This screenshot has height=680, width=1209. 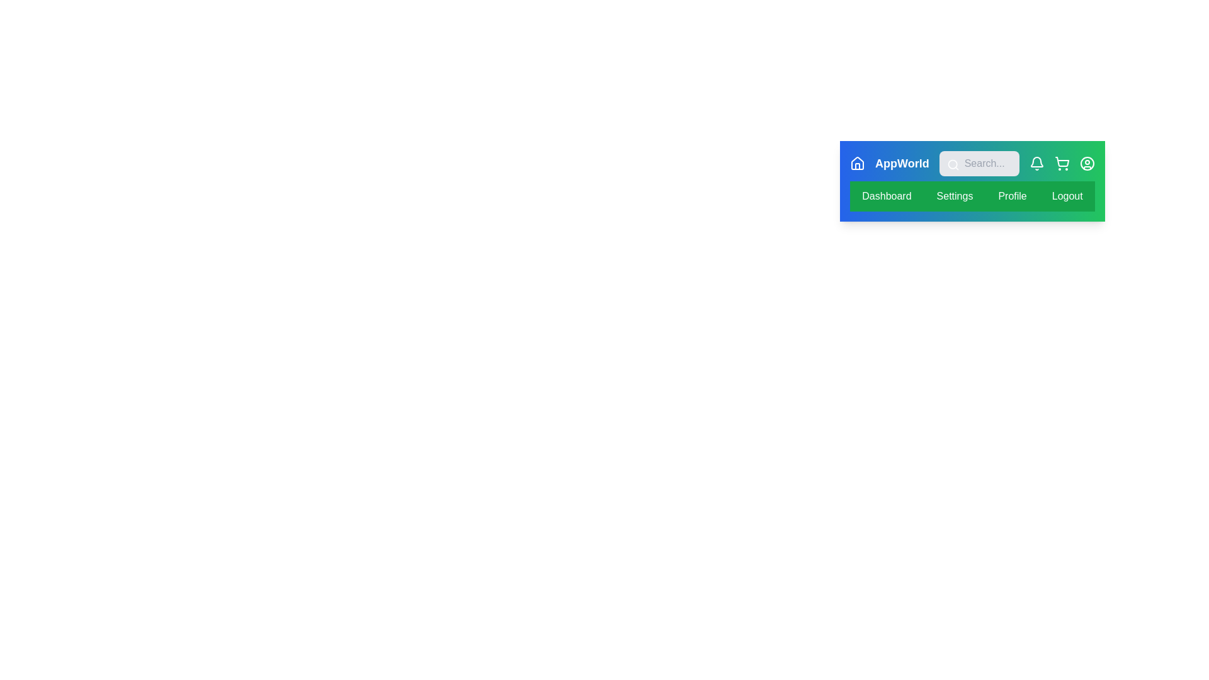 I want to click on the navigation item Settings to navigate to the corresponding section, so click(x=955, y=196).